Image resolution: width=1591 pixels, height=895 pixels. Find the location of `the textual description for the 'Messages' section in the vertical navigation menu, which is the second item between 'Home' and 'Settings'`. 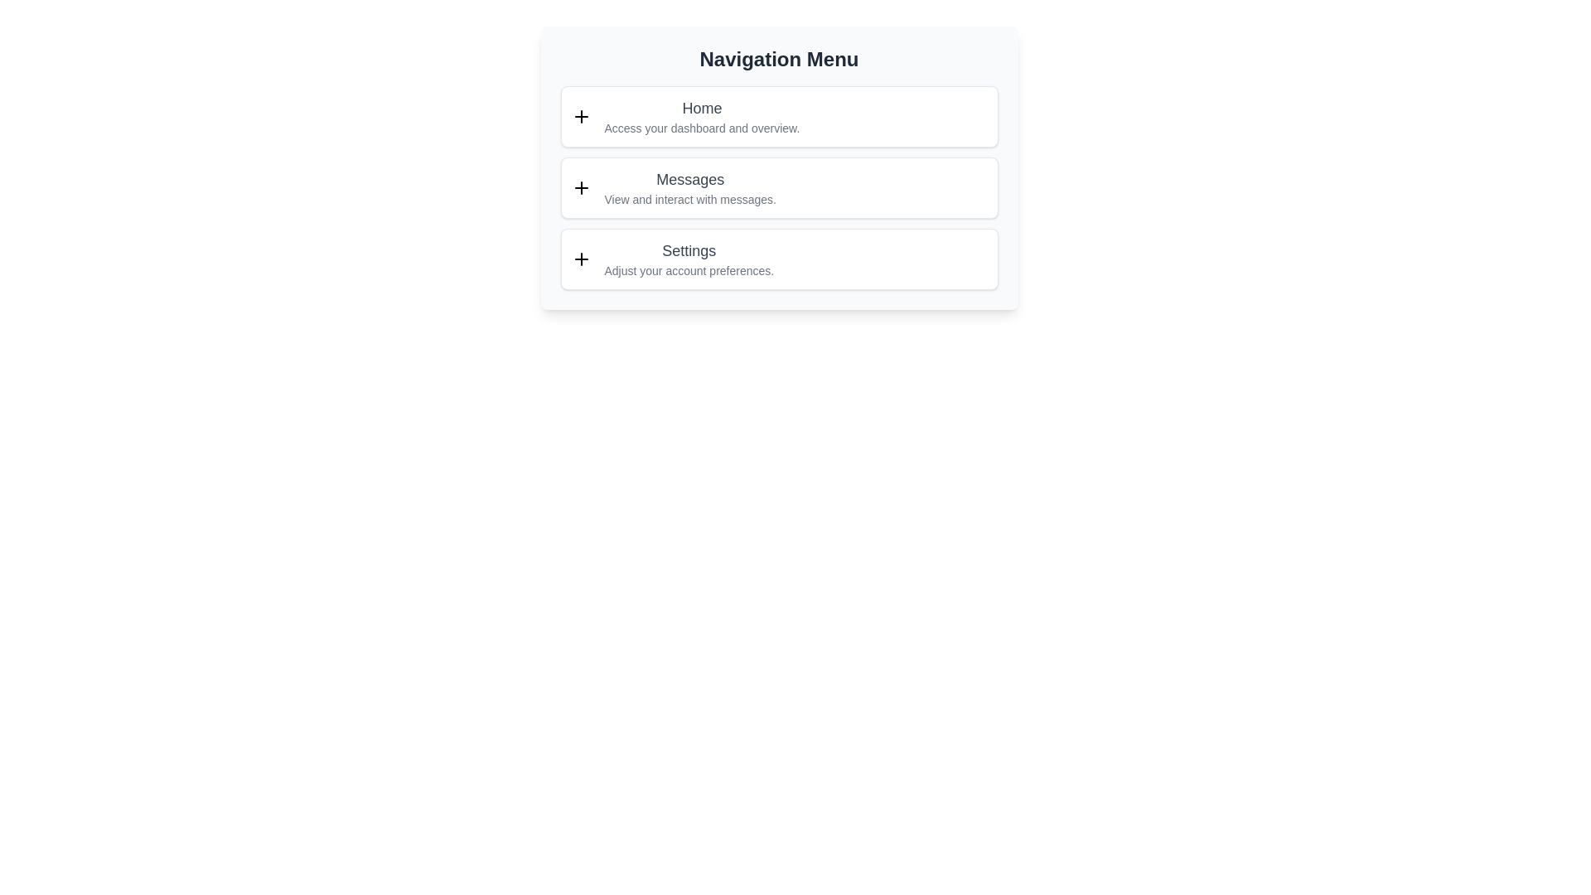

the textual description for the 'Messages' section in the vertical navigation menu, which is the second item between 'Home' and 'Settings' is located at coordinates (690, 187).